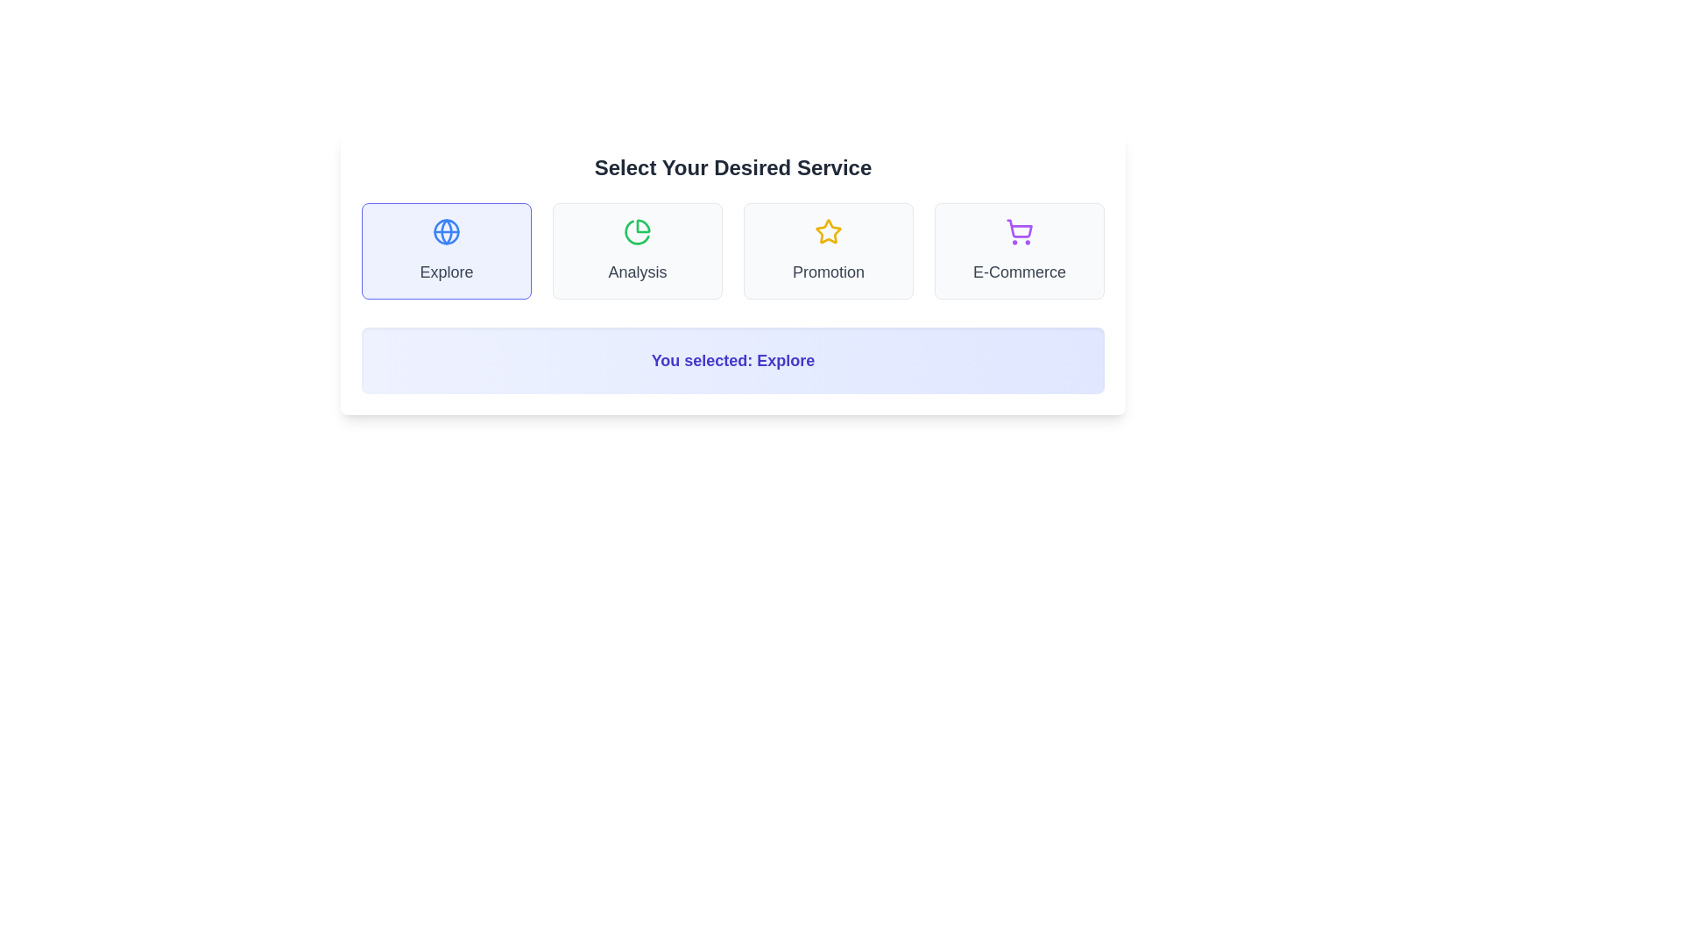 The height and width of the screenshot is (946, 1682). What do you see at coordinates (827, 251) in the screenshot?
I see `the third card labeled 'Promotion' in the horizontally aligned grid of service options` at bounding box center [827, 251].